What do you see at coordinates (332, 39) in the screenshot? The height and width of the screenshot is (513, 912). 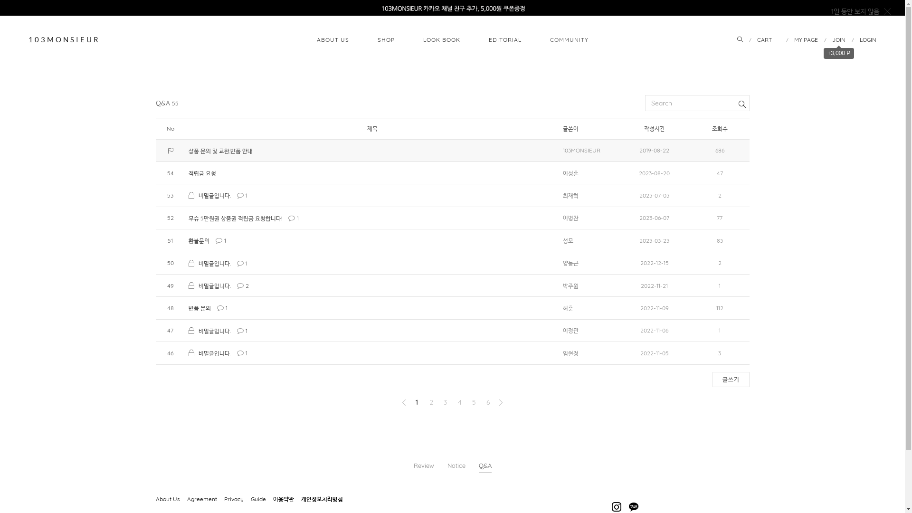 I see `'ABOUT US'` at bounding box center [332, 39].